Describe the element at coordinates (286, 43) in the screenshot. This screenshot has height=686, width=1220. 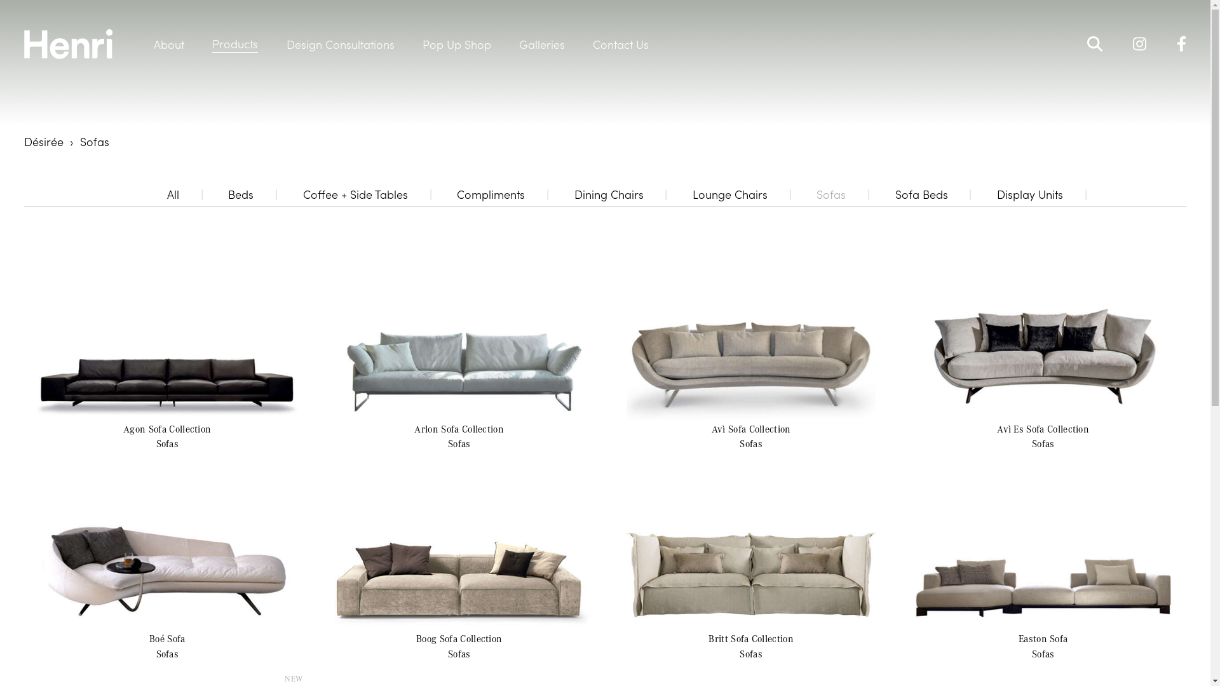
I see `'Design Consultations'` at that location.